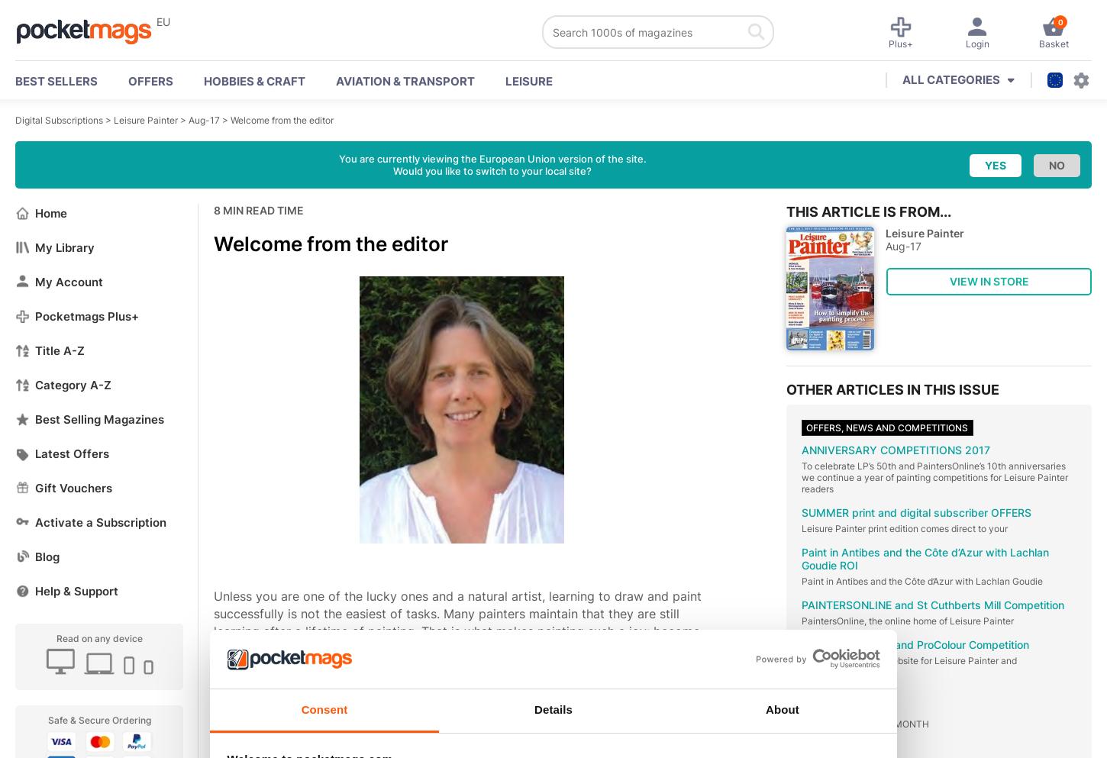 Image resolution: width=1107 pixels, height=758 pixels. Describe the element at coordinates (895, 450) in the screenshot. I see `'ANNIVERSARY COMPETITIONS 2017'` at that location.